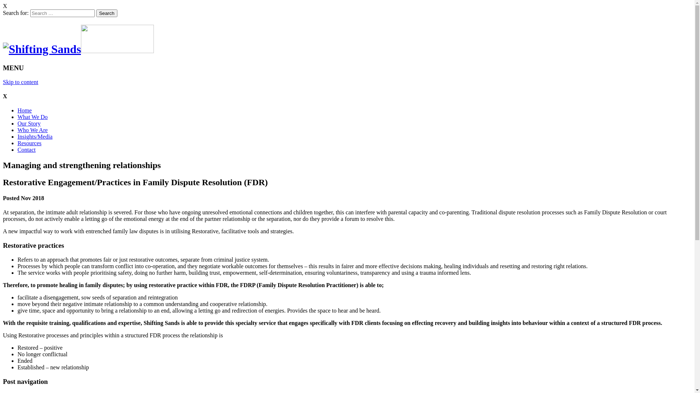 The width and height of the screenshot is (700, 393). I want to click on 'Skip to content', so click(20, 82).